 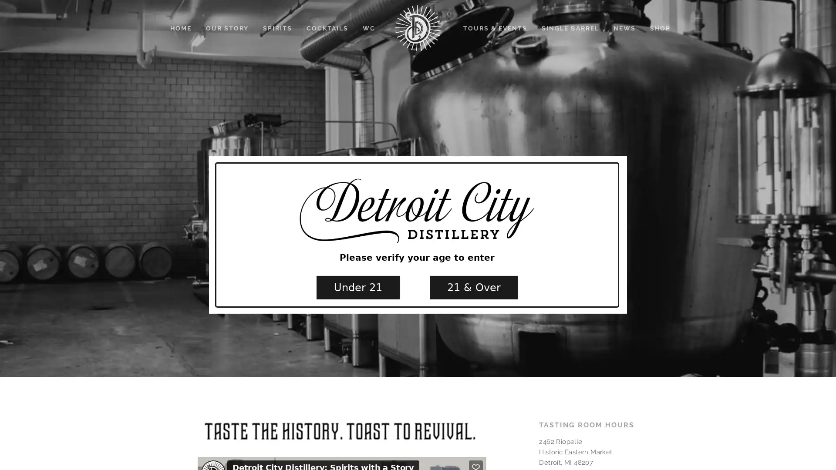 What do you see at coordinates (473, 287) in the screenshot?
I see `21 & Over` at bounding box center [473, 287].